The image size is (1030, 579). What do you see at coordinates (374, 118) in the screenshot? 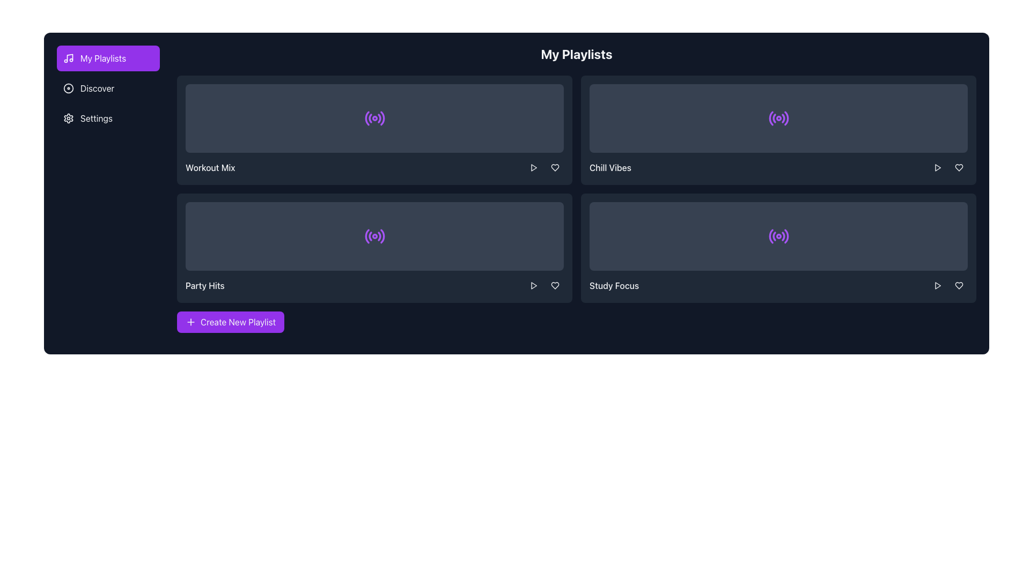
I see `the icon in the 'Workout Mix' playlist card` at bounding box center [374, 118].